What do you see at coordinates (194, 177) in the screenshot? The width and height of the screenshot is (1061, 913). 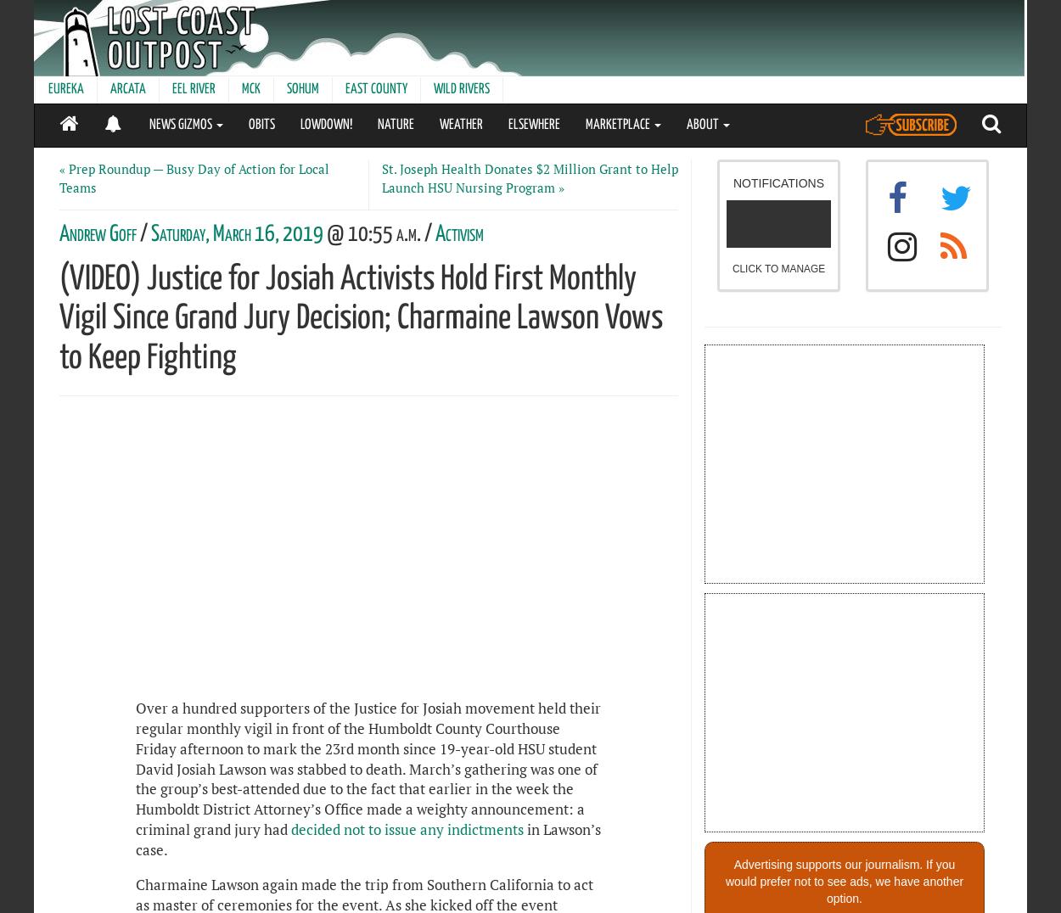 I see `'« Prep Roundup — Busy Day of Action for Local Teams'` at bounding box center [194, 177].